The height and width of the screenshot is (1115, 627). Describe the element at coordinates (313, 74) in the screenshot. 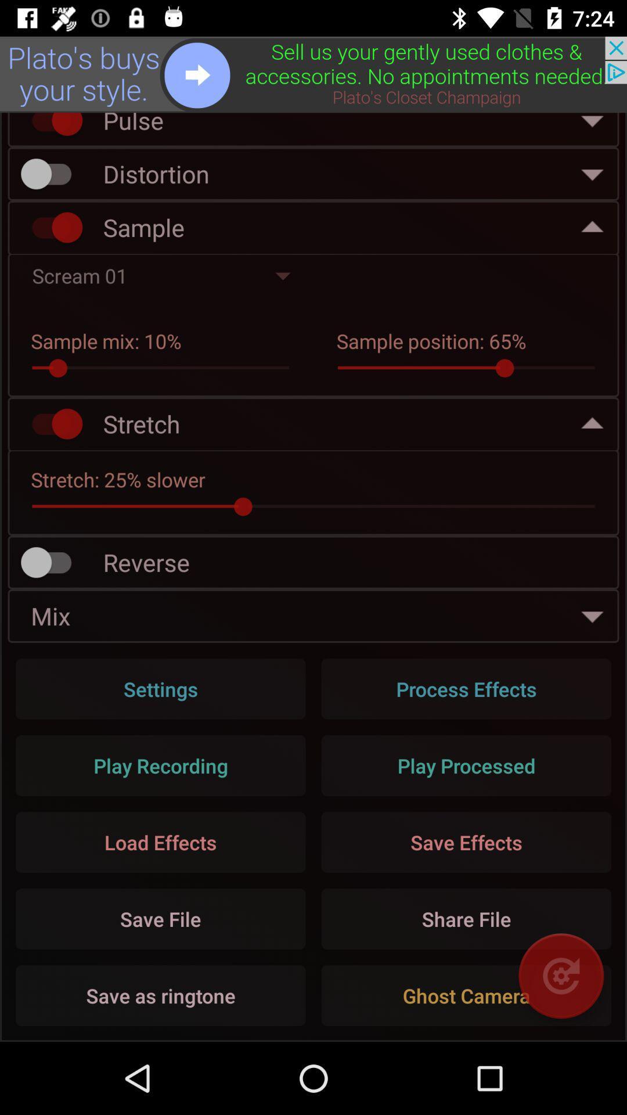

I see `menu` at that location.